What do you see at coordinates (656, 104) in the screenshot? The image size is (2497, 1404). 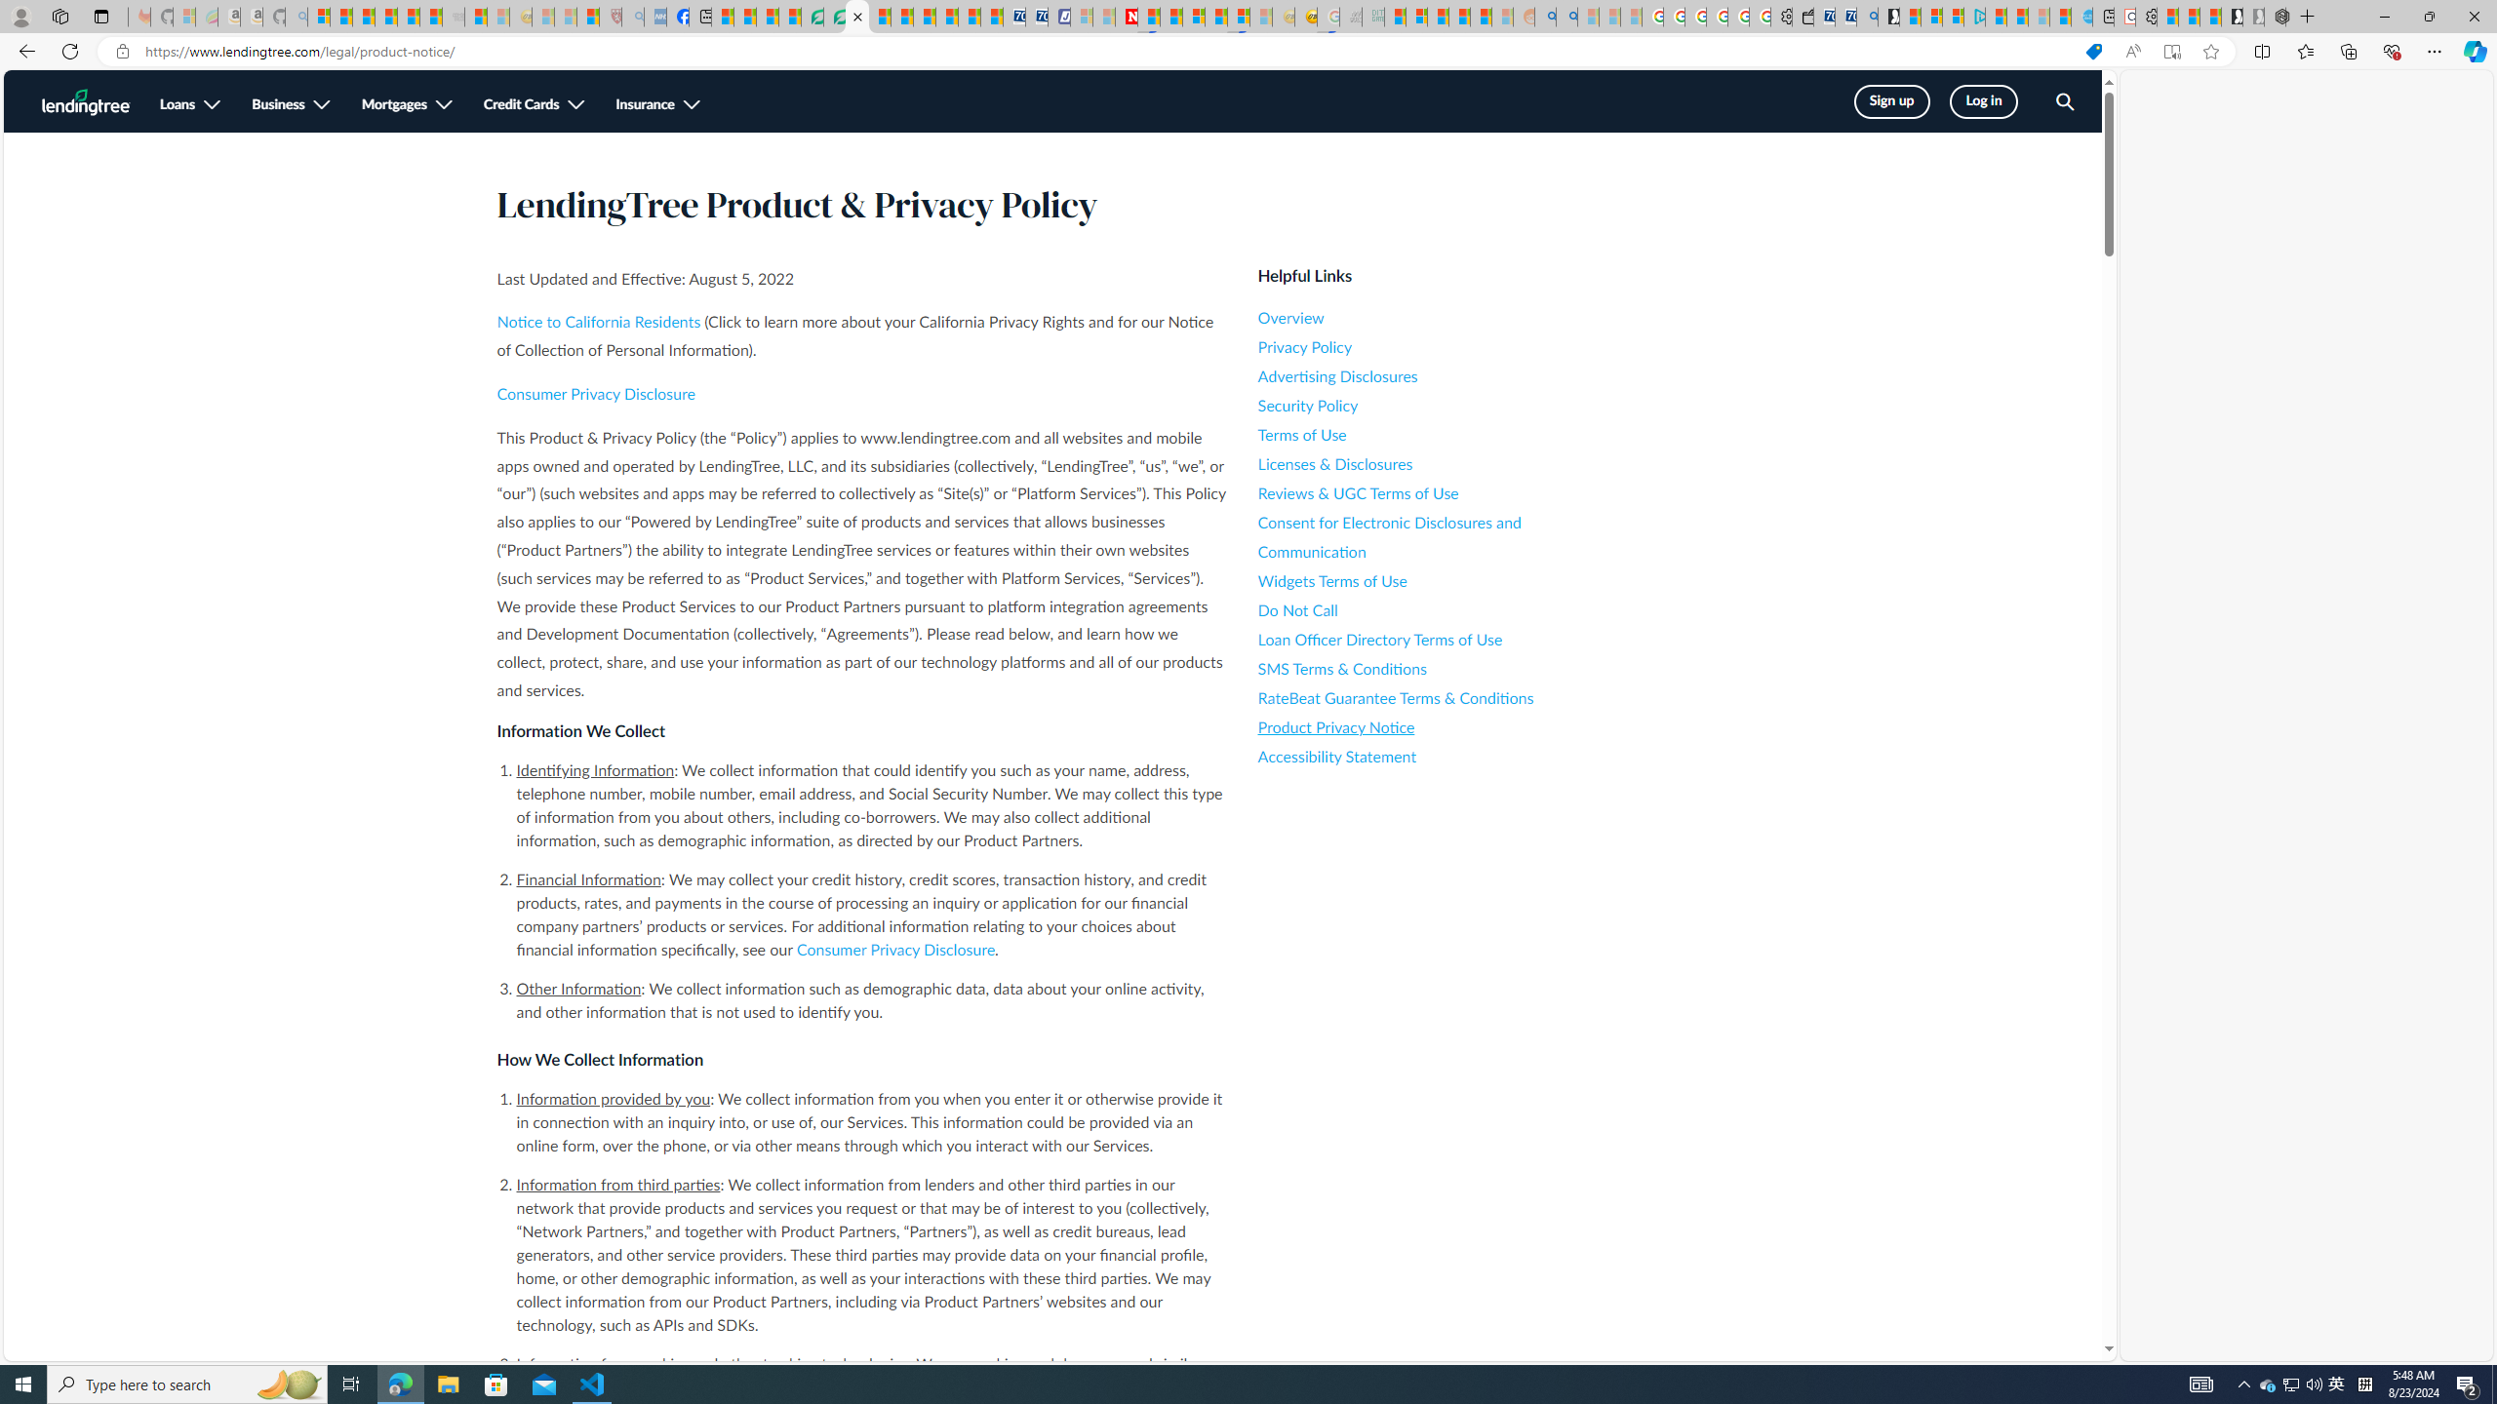 I see `'Insurance, see more'` at bounding box center [656, 104].